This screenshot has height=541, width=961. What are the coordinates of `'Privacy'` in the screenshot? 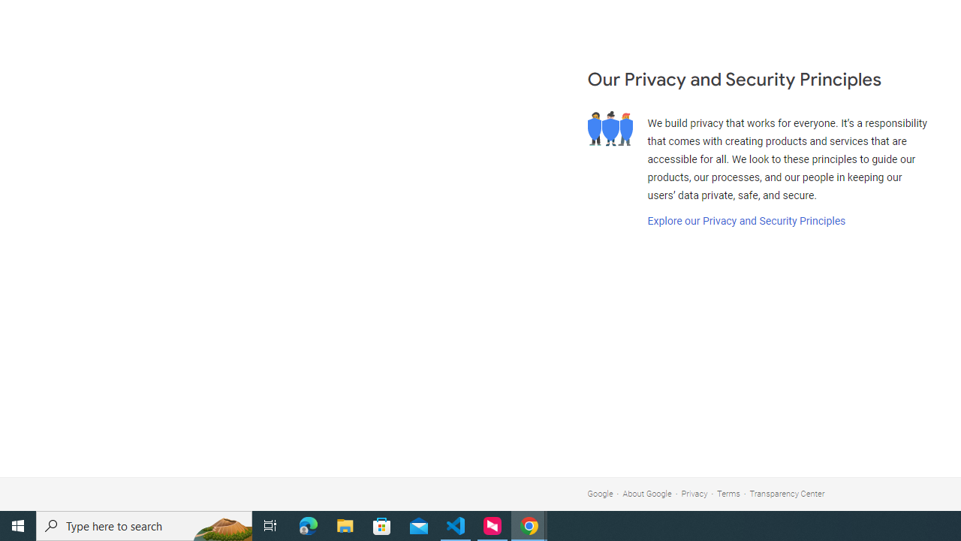 It's located at (694, 494).